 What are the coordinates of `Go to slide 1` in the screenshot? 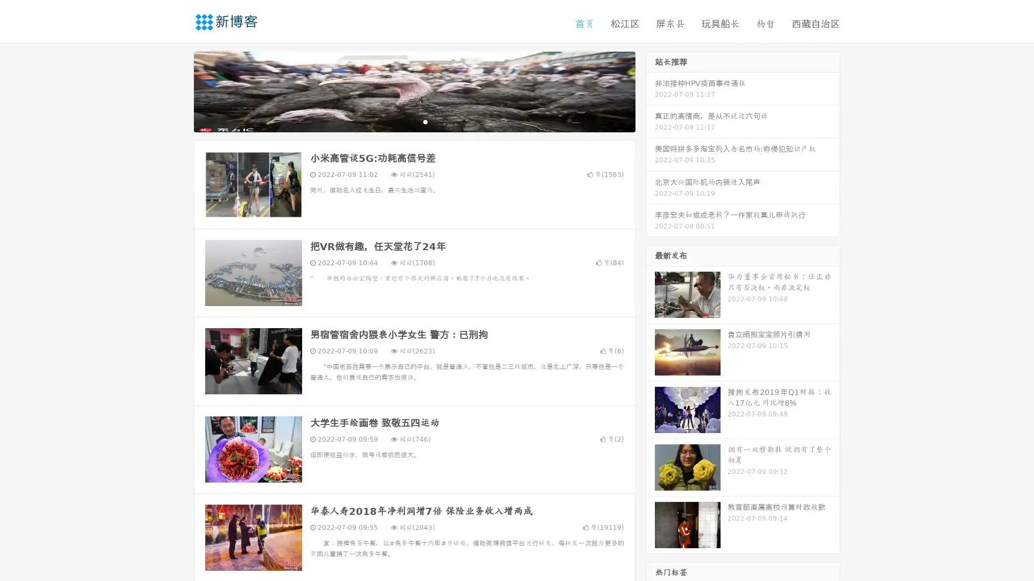 It's located at (403, 121).